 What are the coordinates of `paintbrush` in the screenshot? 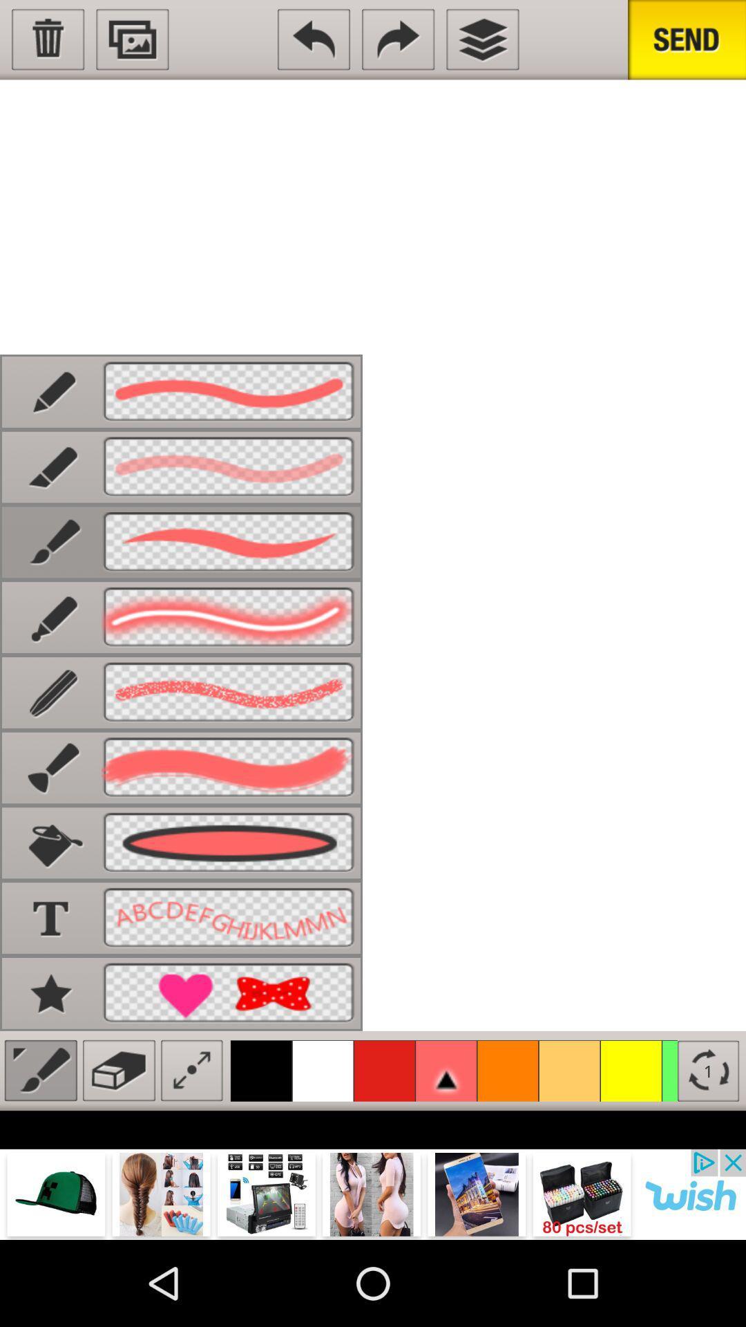 It's located at (40, 1070).